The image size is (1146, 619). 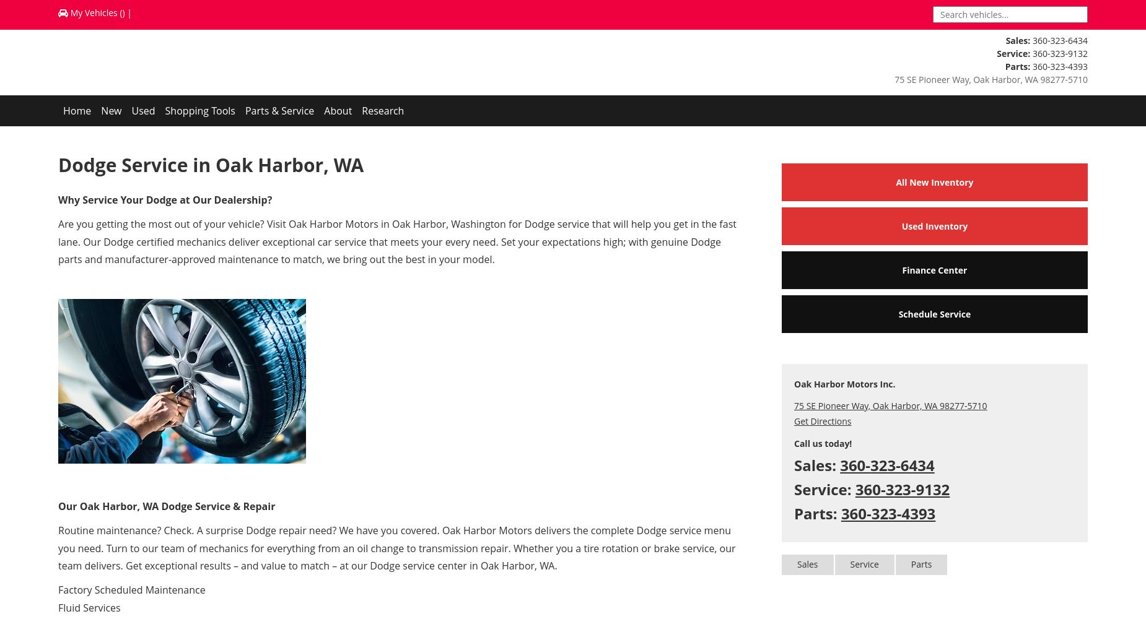 What do you see at coordinates (821, 442) in the screenshot?
I see `'Call us today!'` at bounding box center [821, 442].